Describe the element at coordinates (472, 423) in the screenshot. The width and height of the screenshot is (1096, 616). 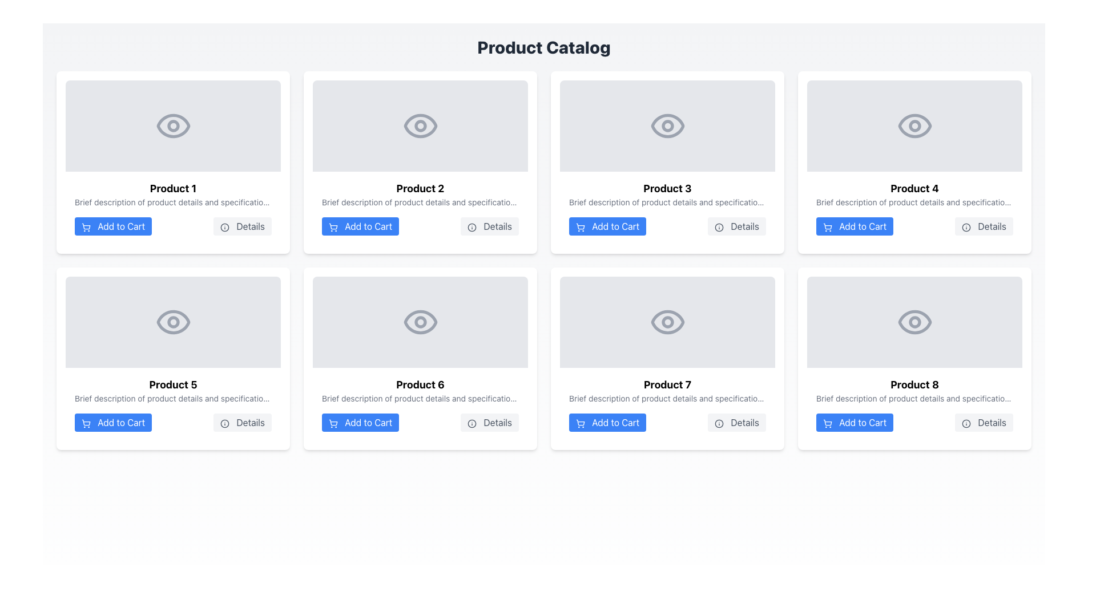
I see `the informational circle icon located within the 'Details' button of the 'Product 6' card` at that location.